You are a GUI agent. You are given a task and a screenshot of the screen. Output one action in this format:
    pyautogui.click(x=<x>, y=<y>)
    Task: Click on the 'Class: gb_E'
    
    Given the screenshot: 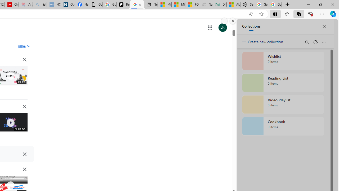 What is the action you would take?
    pyautogui.click(x=209, y=28)
    